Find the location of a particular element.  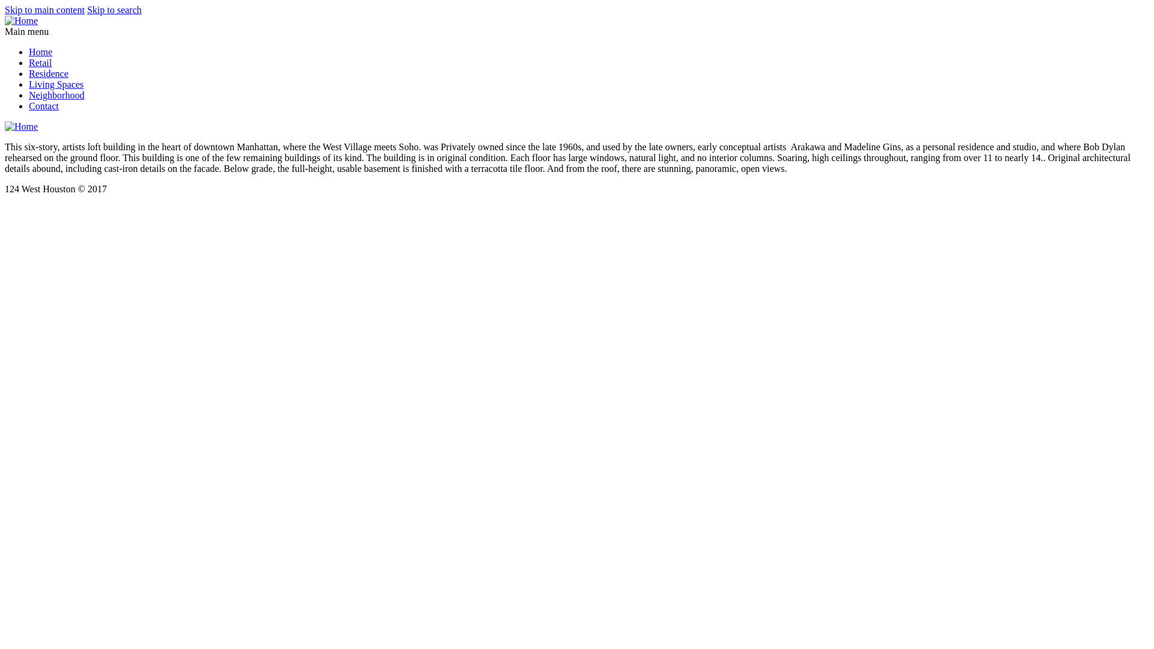

'Skip to search' is located at coordinates (86, 10).